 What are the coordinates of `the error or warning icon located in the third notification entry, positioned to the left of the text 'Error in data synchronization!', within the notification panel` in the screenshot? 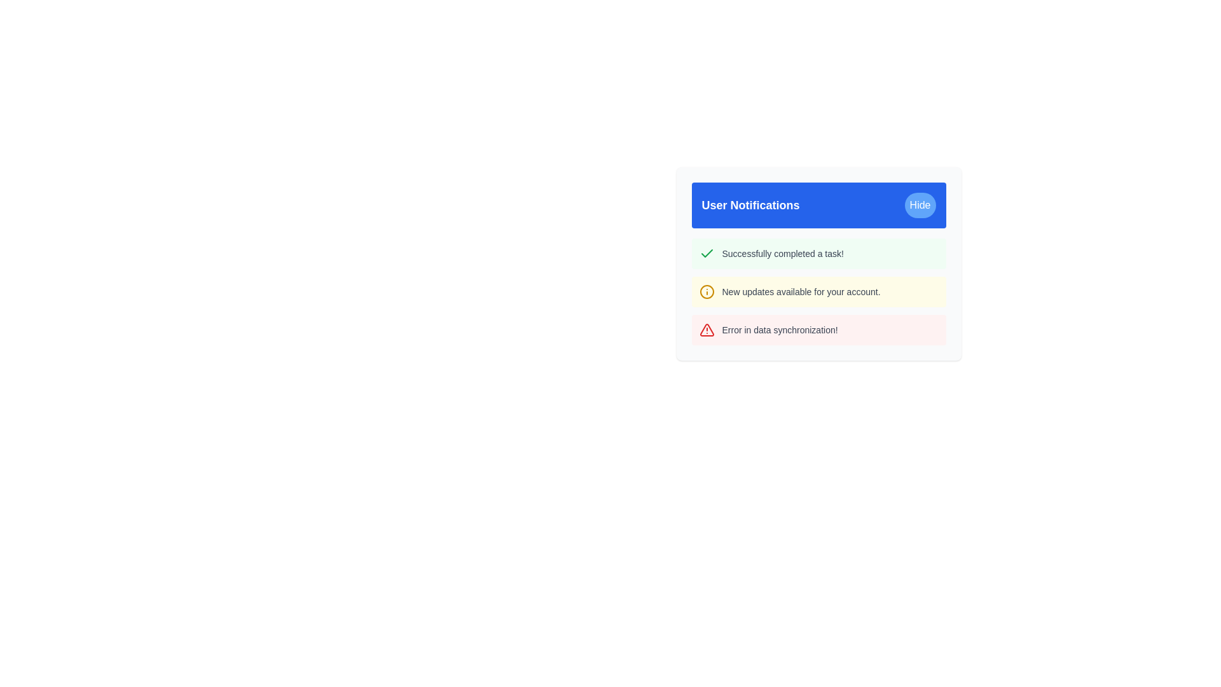 It's located at (706, 330).